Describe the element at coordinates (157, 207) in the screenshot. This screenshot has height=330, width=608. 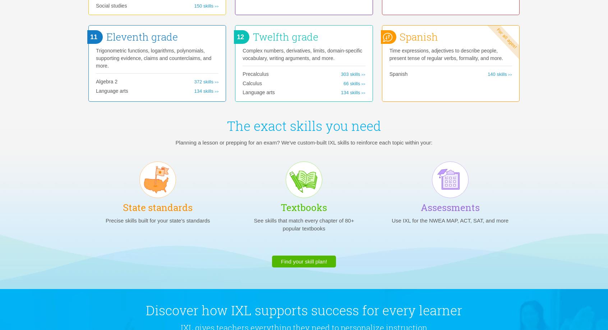
I see `'State standards'` at that location.